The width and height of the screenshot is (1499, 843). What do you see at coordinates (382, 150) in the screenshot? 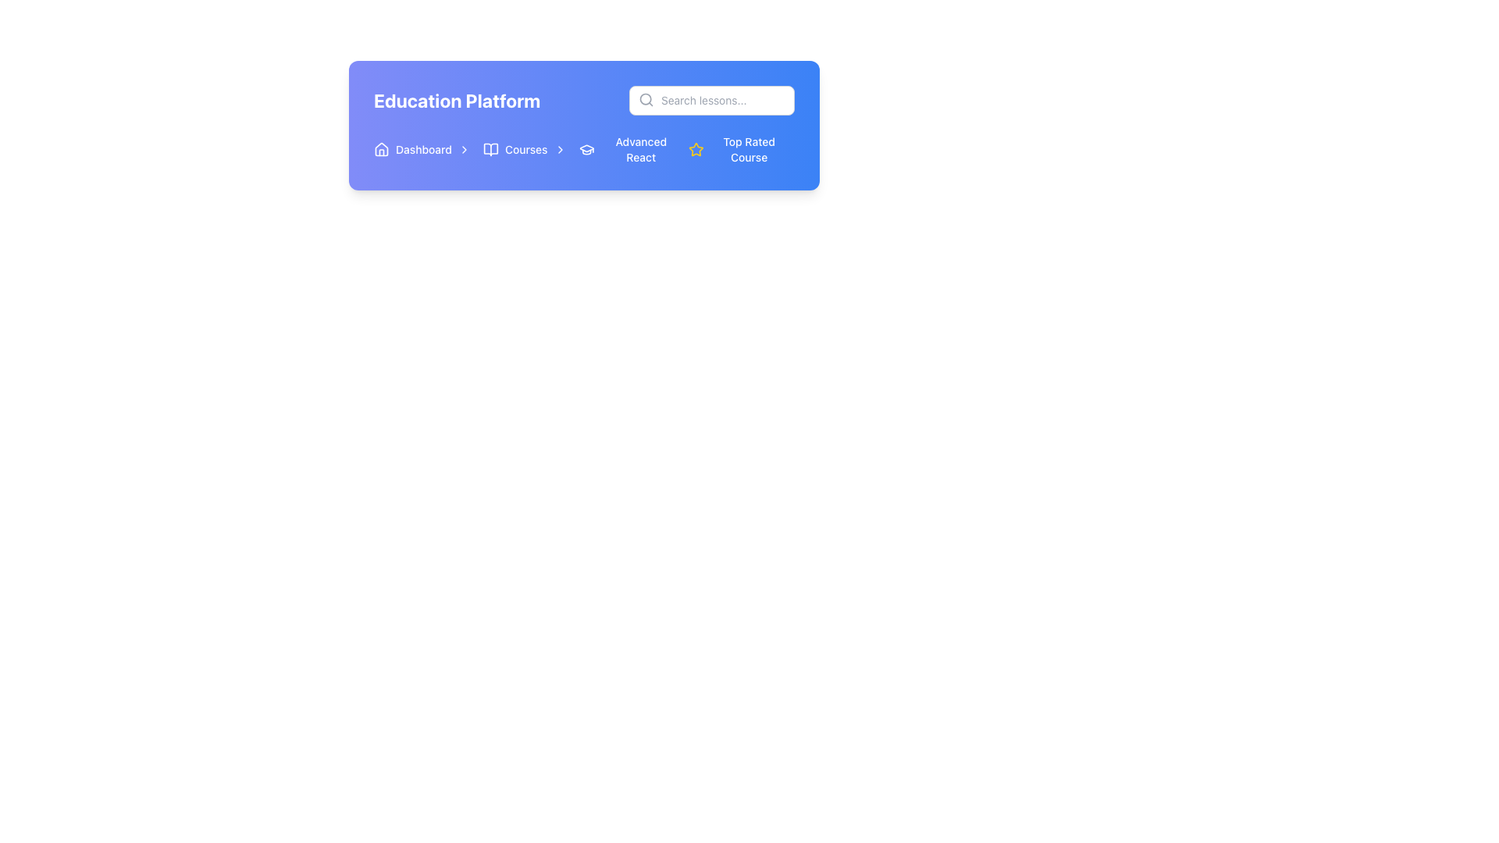
I see `the house icon located at the beginning of the breadcrumb navigation bar` at bounding box center [382, 150].